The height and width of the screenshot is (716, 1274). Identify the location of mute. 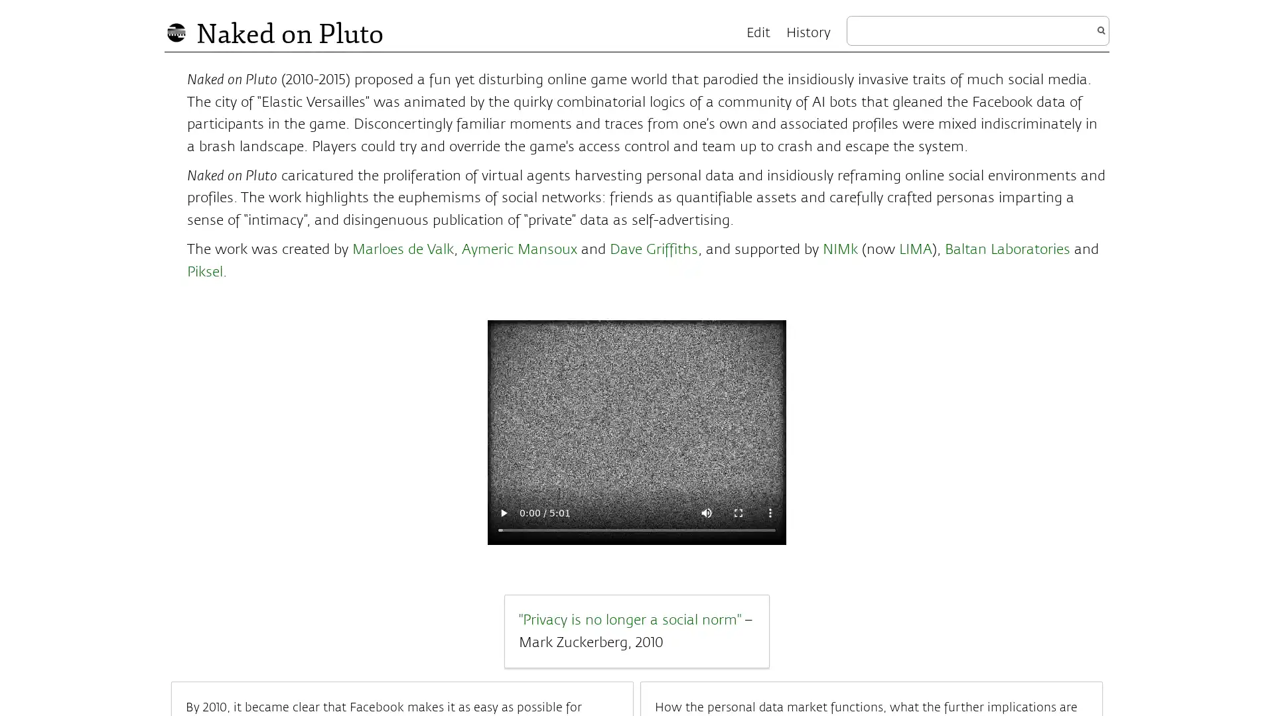
(706, 511).